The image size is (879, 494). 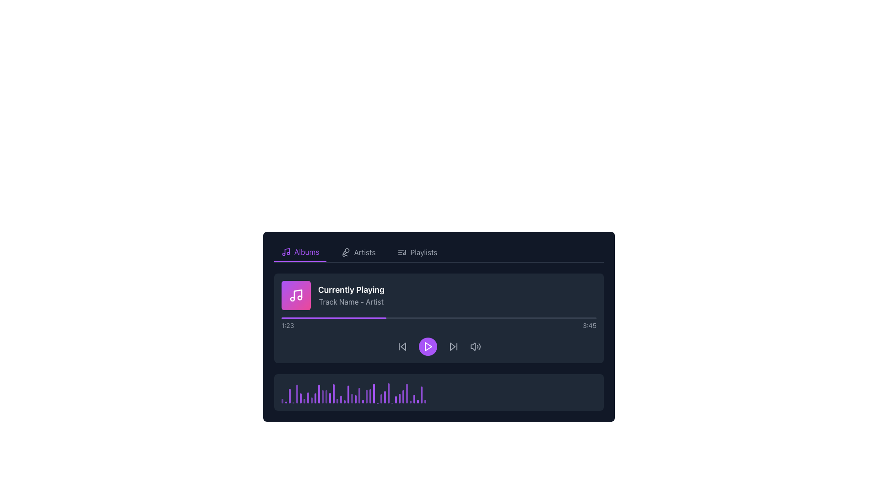 I want to click on the playback status text indicating the current status of the music player, which is located near the top left of the highlighted section, to the right of an icon and above the track details text, so click(x=351, y=290).